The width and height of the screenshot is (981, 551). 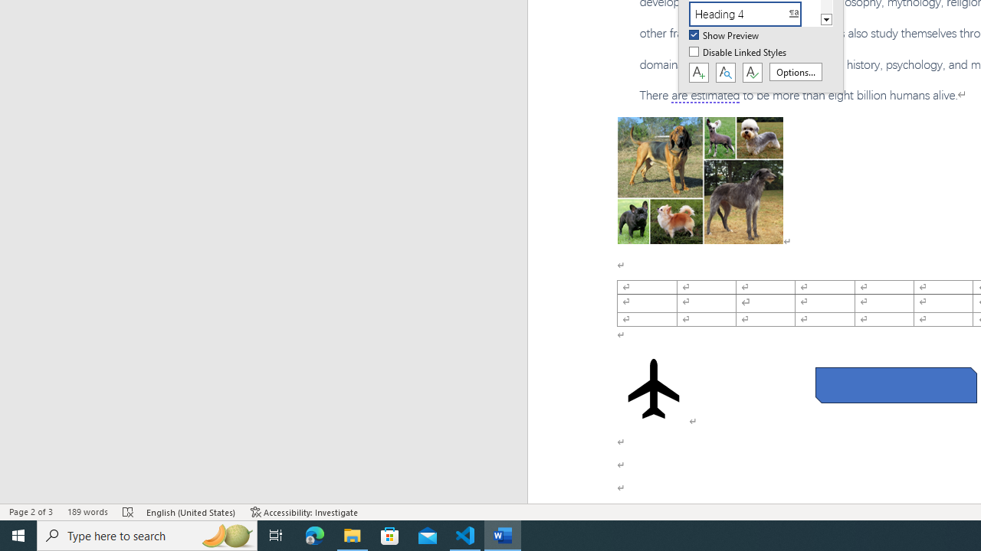 What do you see at coordinates (191, 512) in the screenshot?
I see `'Language English (United States)'` at bounding box center [191, 512].